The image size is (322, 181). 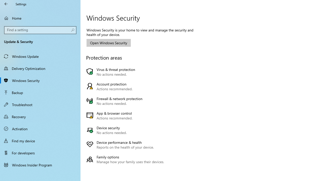 I want to click on 'Troubleshoot', so click(x=40, y=104).